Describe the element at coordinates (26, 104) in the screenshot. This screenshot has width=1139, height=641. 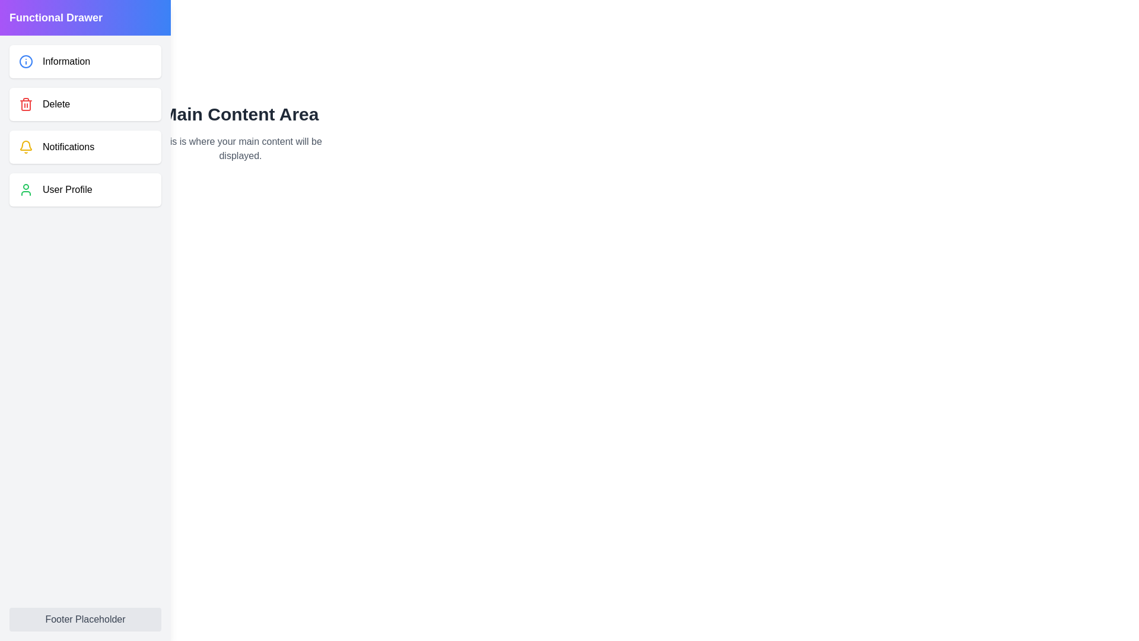
I see `the delete icon located to the left of the 'Delete' text label in the sidebar menu, which visually represents the action of deleting` at that location.